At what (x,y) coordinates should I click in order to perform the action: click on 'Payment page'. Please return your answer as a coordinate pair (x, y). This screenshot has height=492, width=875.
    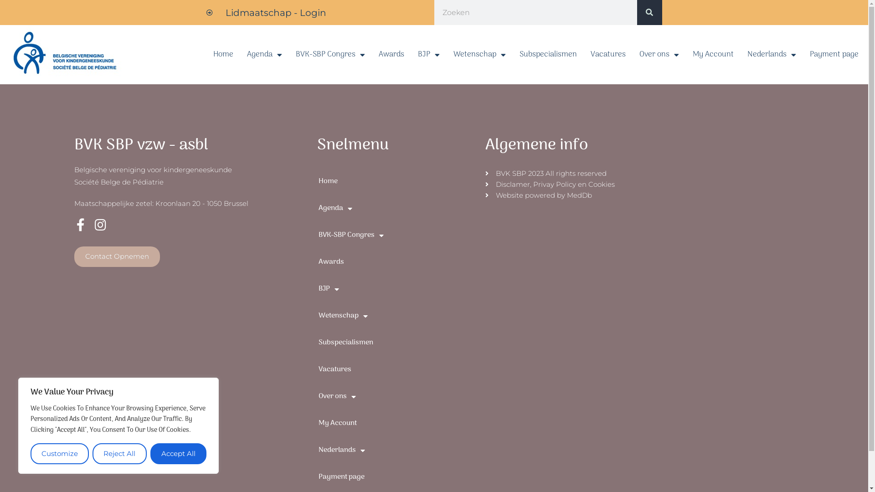
    Looking at the image, I should click on (317, 477).